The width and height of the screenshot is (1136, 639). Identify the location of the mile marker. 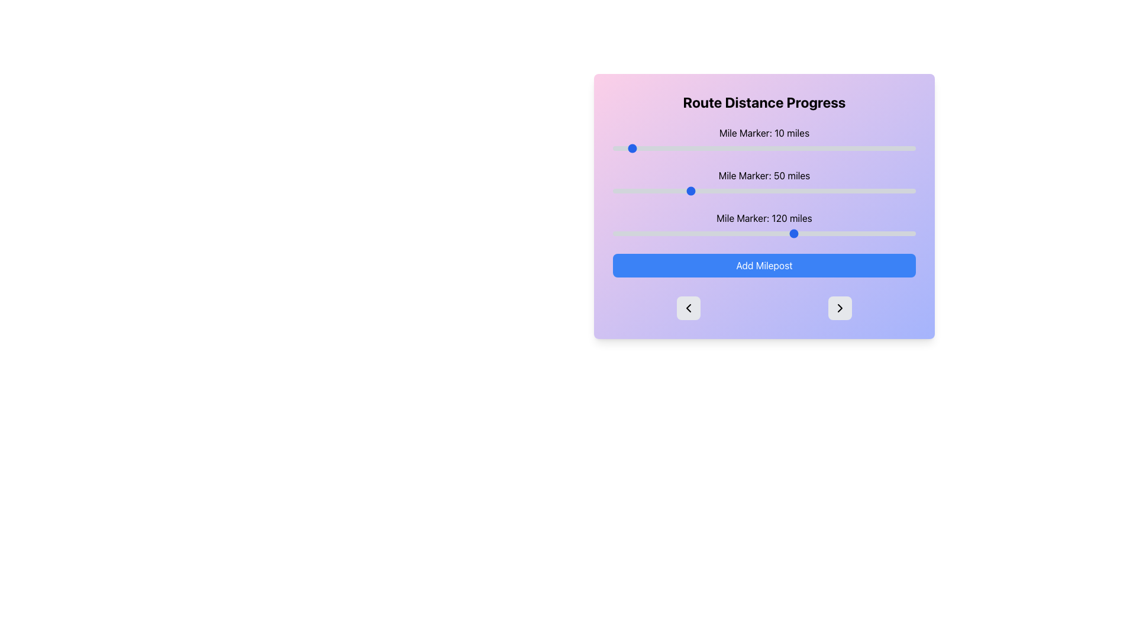
(666, 233).